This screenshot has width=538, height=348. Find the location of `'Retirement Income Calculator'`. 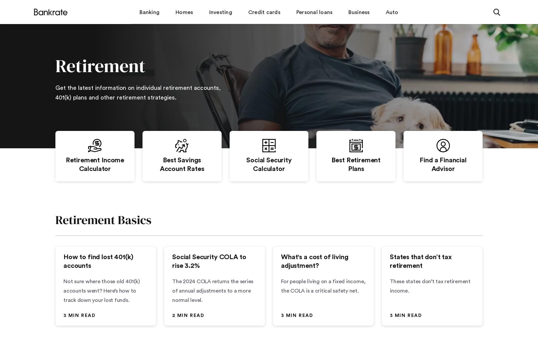

'Retirement Income Calculator' is located at coordinates (95, 164).